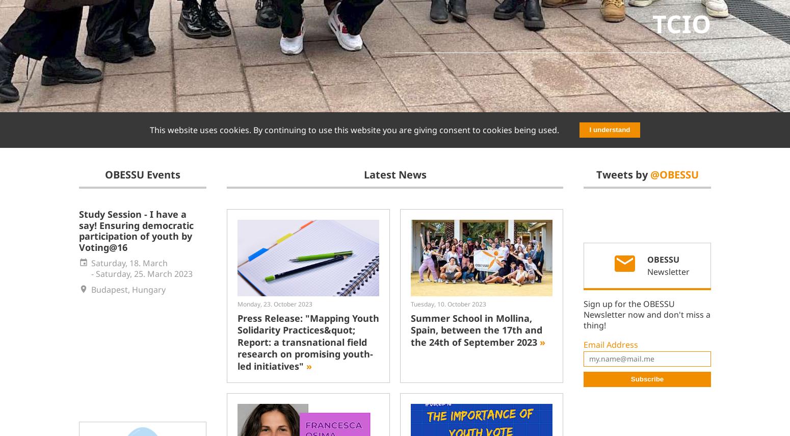 The height and width of the screenshot is (436, 790). Describe the element at coordinates (663, 259) in the screenshot. I see `'OBESSU'` at that location.